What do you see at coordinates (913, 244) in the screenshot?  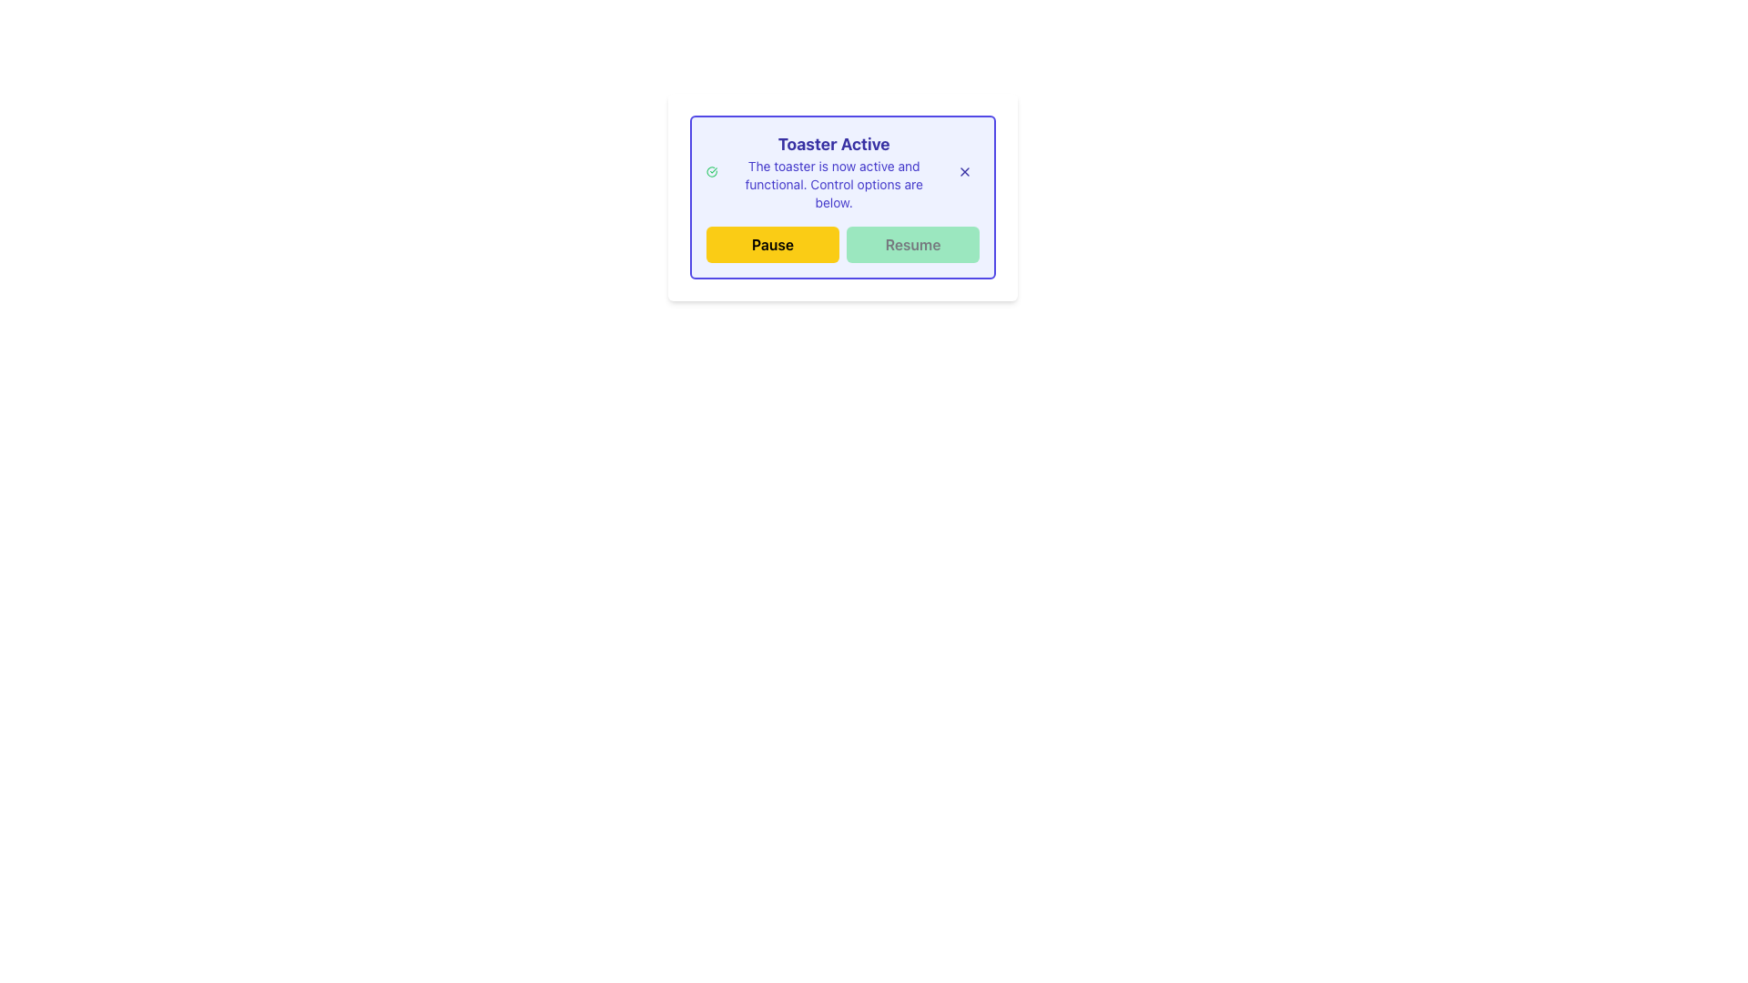 I see `the light green 'Resume' button with bold black text to activate the hover effect` at bounding box center [913, 244].